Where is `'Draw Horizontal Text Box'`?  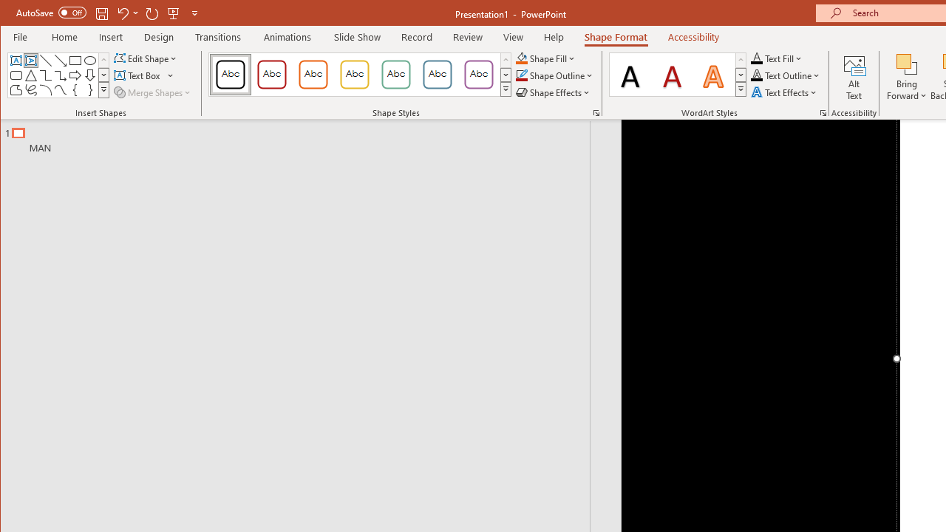
'Draw Horizontal Text Box' is located at coordinates (138, 75).